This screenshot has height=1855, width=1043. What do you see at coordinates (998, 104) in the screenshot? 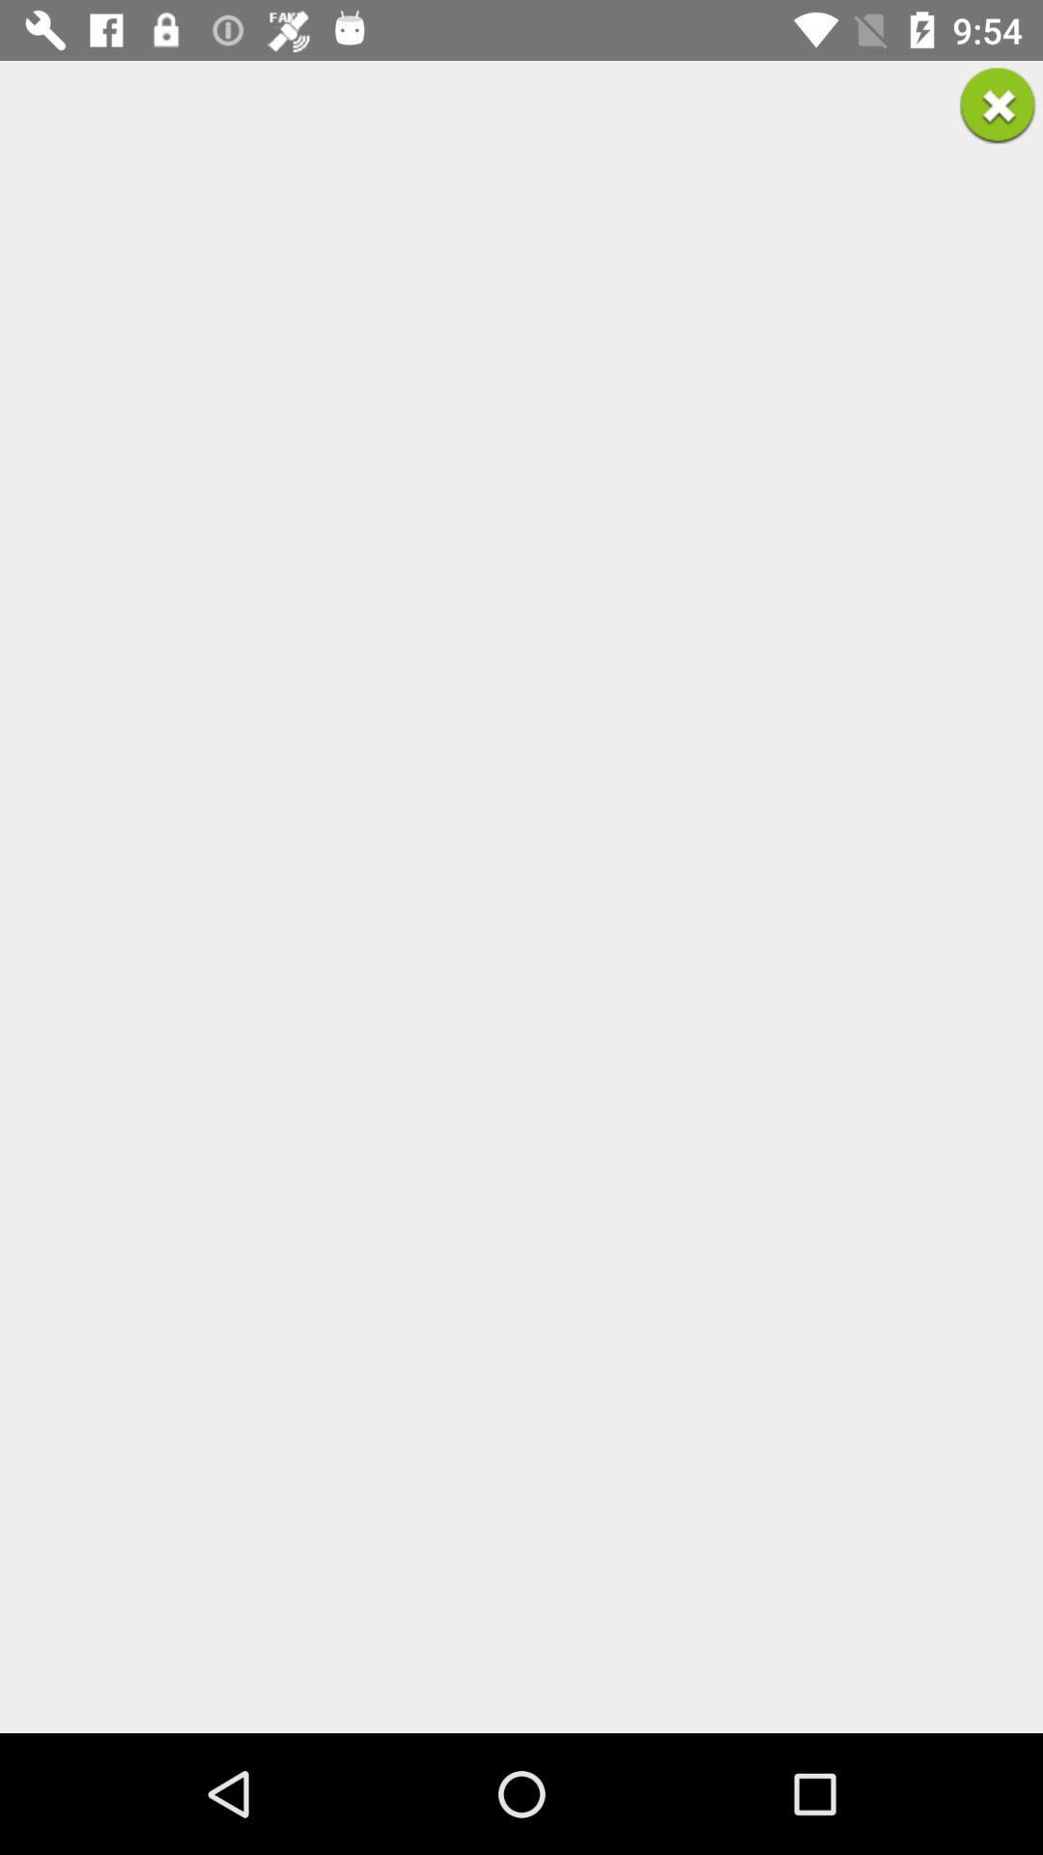
I see `selection` at bounding box center [998, 104].